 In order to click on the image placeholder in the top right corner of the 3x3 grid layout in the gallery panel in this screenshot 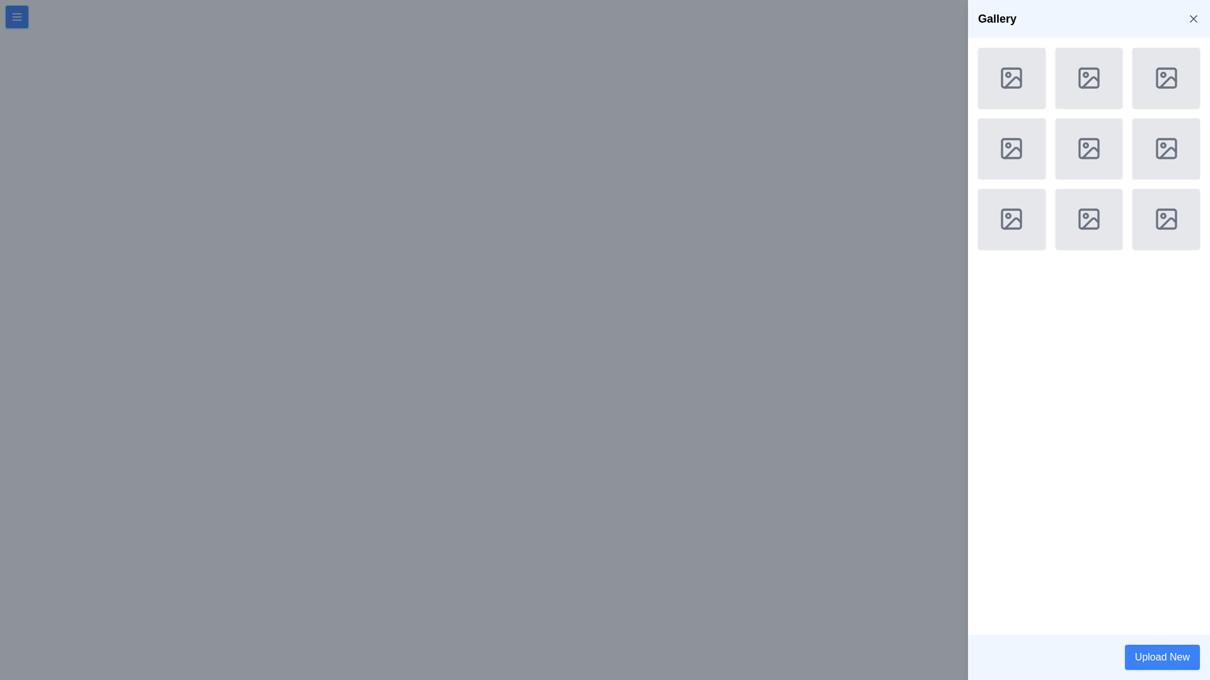, I will do `click(1165, 77)`.